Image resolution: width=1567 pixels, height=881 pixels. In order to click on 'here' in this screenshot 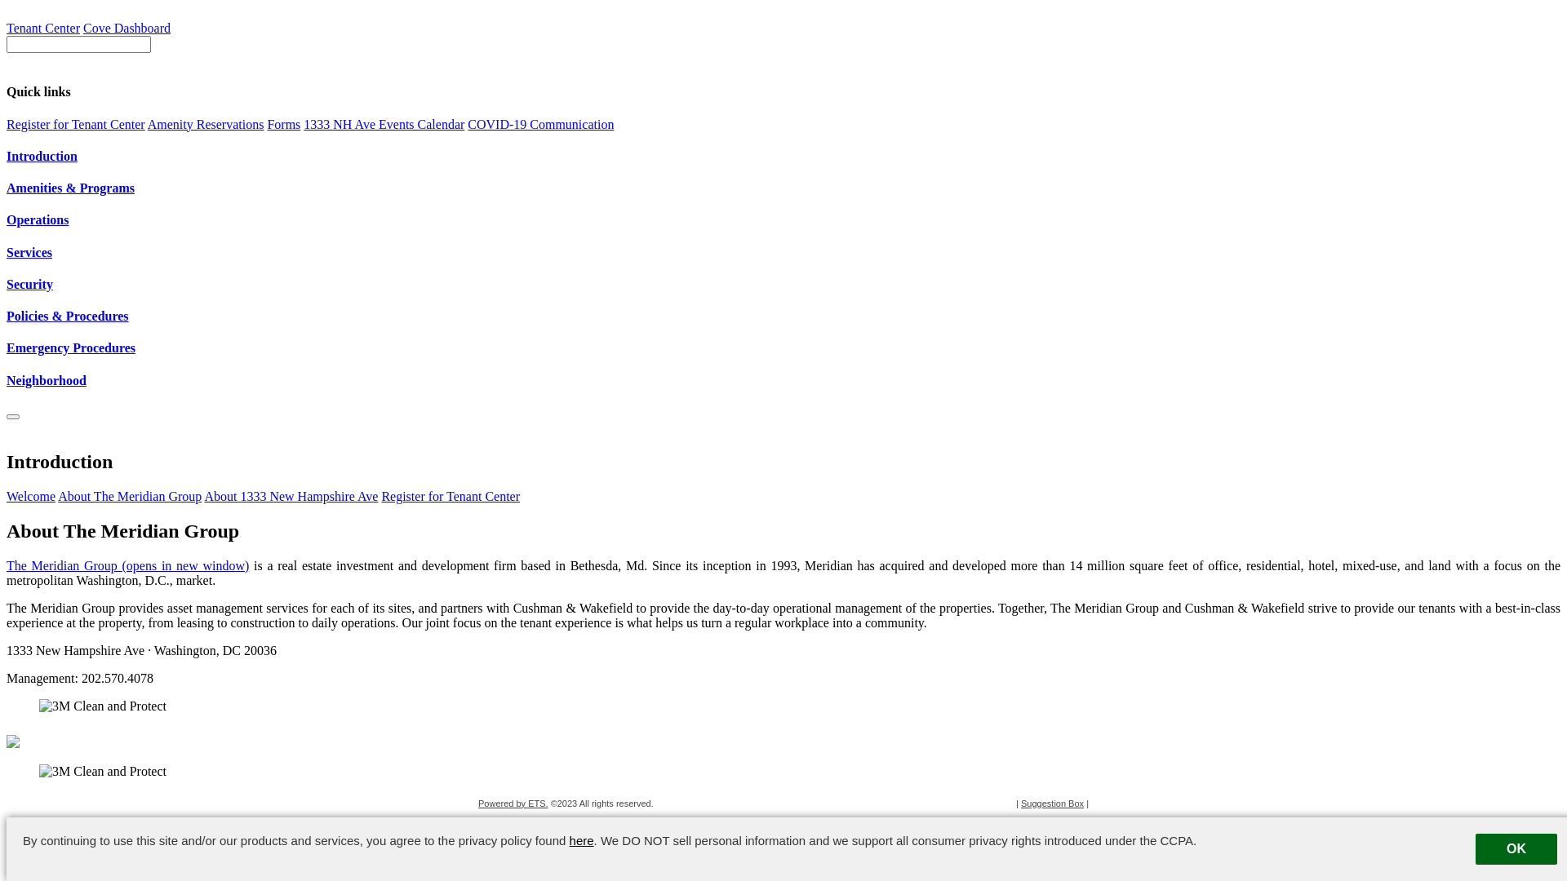, I will do `click(582, 840)`.